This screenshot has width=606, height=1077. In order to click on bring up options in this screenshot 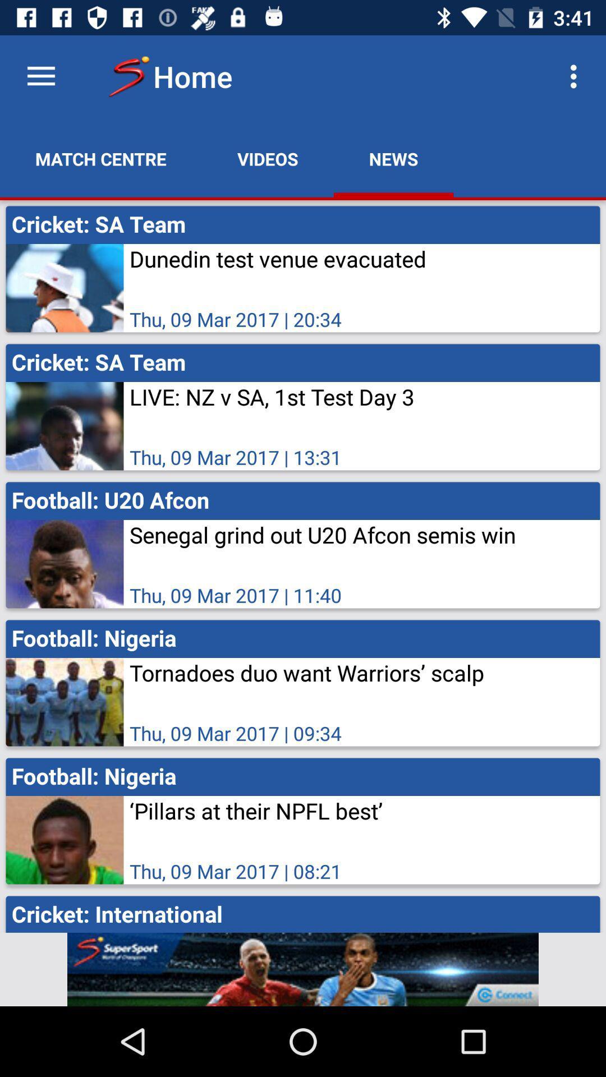, I will do `click(40, 76)`.